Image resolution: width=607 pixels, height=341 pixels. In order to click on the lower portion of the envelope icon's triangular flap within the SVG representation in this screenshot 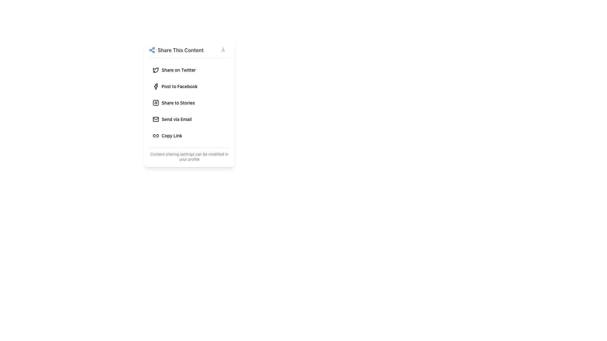, I will do `click(156, 118)`.